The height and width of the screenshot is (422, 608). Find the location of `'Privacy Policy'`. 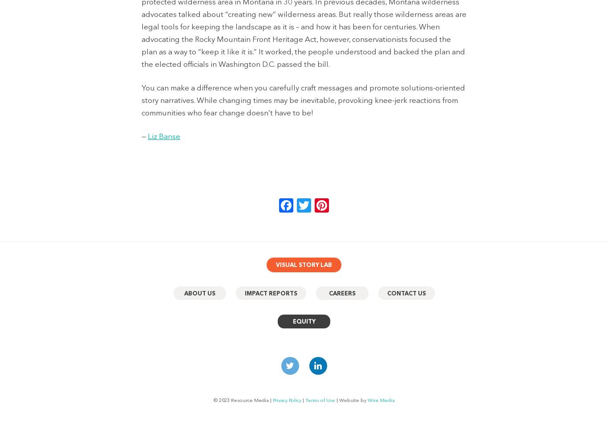

'Privacy Policy' is located at coordinates (286, 400).